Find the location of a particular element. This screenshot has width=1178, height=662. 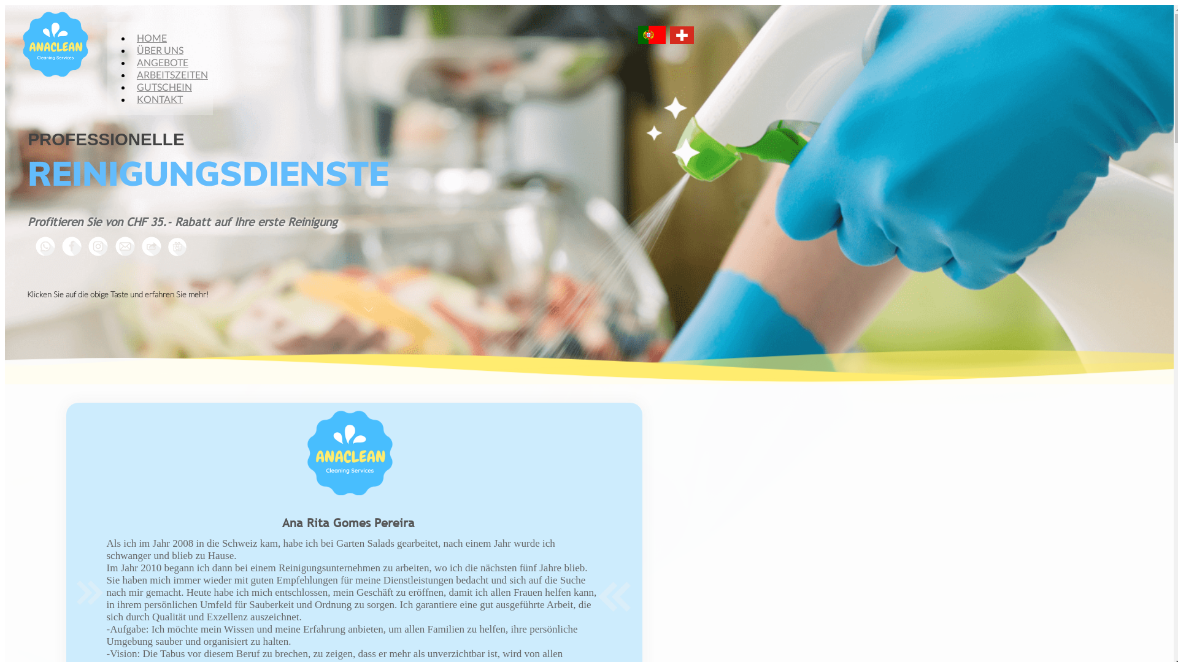

'GUTSCHEIN' is located at coordinates (164, 86).